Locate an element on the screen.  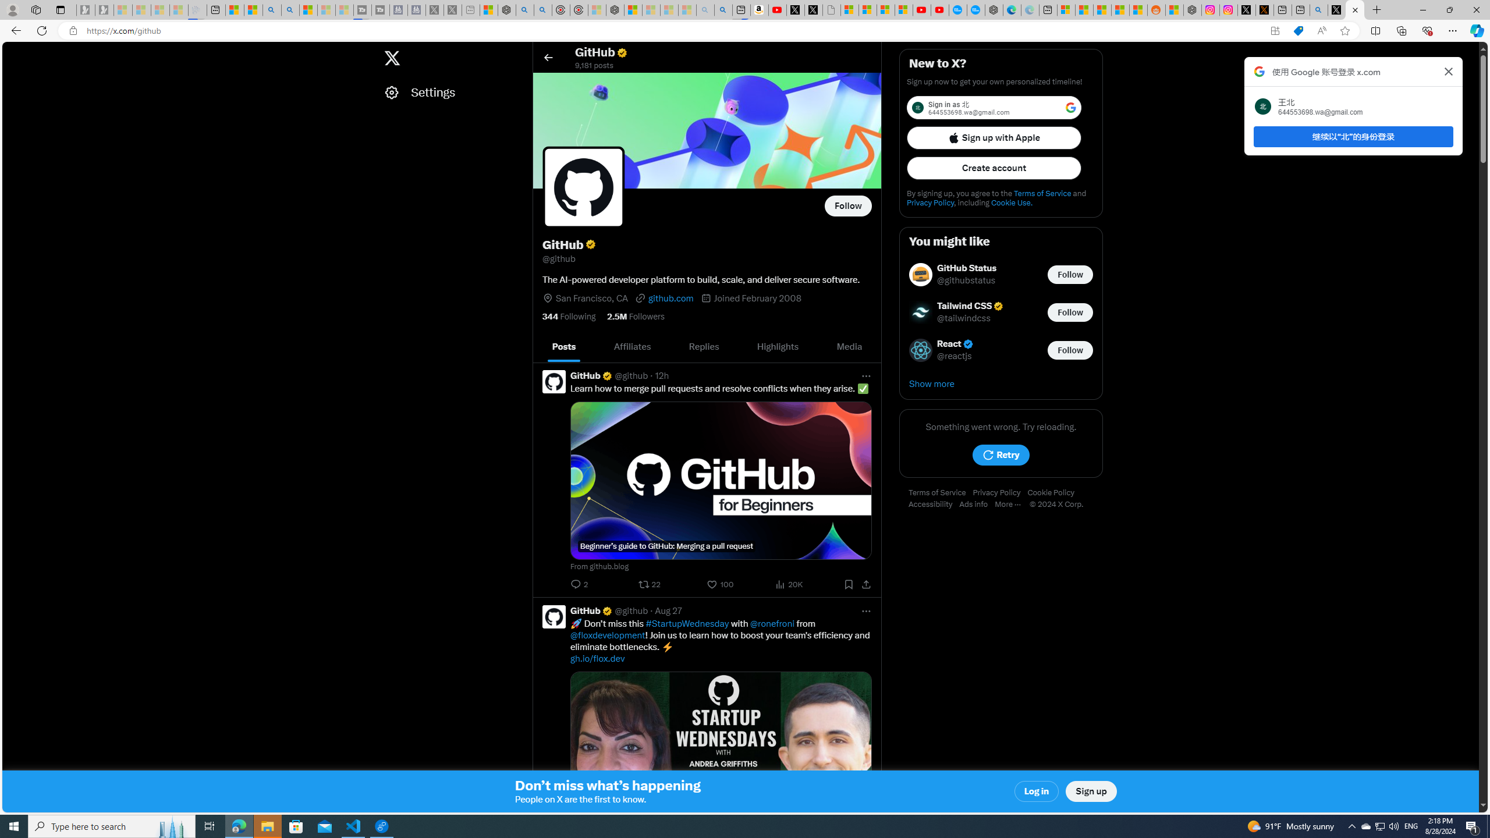
'YouTube Kids - An App Created for Kids to Explore Content' is located at coordinates (939, 9).